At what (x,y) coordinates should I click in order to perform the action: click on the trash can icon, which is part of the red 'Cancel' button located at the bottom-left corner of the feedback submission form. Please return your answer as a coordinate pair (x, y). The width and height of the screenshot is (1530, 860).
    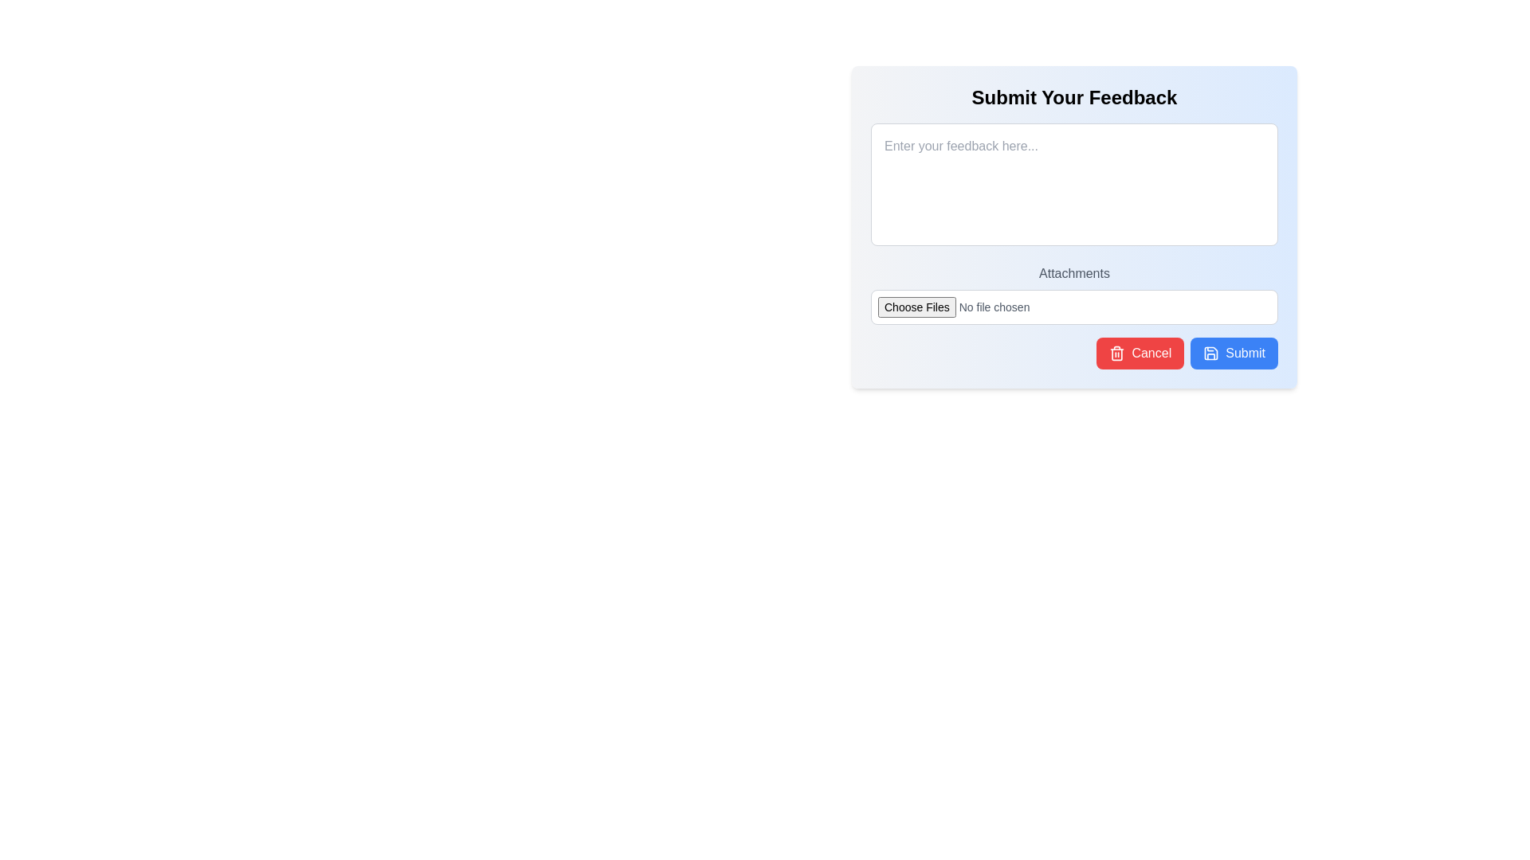
    Looking at the image, I should click on (1116, 352).